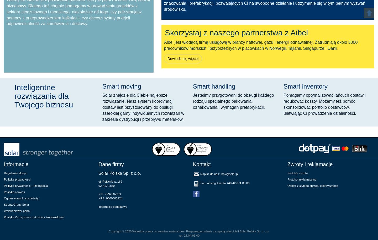 The image size is (378, 240). I want to click on 'KRS: 0000003924', so click(98, 198).